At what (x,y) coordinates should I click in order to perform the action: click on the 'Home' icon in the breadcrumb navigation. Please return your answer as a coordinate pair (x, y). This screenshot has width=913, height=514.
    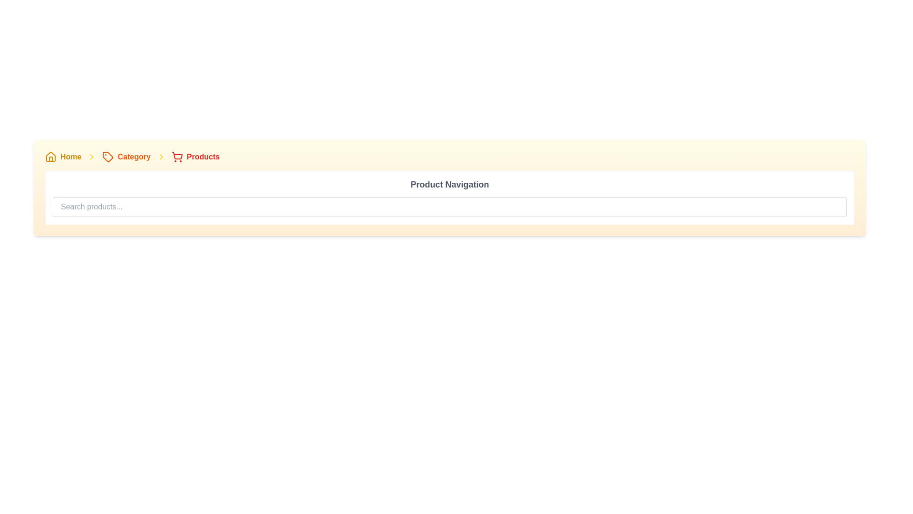
    Looking at the image, I should click on (50, 157).